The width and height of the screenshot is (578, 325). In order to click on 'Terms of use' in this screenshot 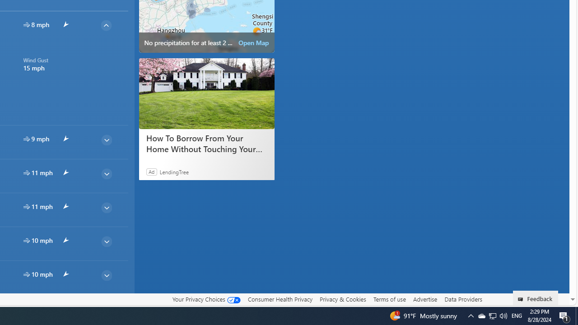, I will do `click(389, 299)`.